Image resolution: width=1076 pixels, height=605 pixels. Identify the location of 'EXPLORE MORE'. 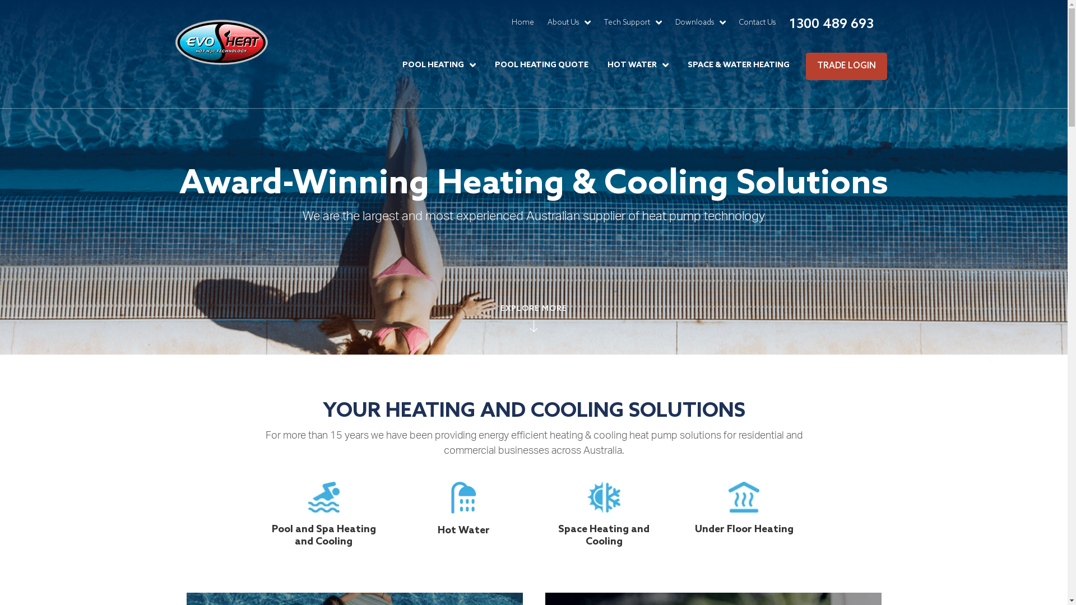
(533, 318).